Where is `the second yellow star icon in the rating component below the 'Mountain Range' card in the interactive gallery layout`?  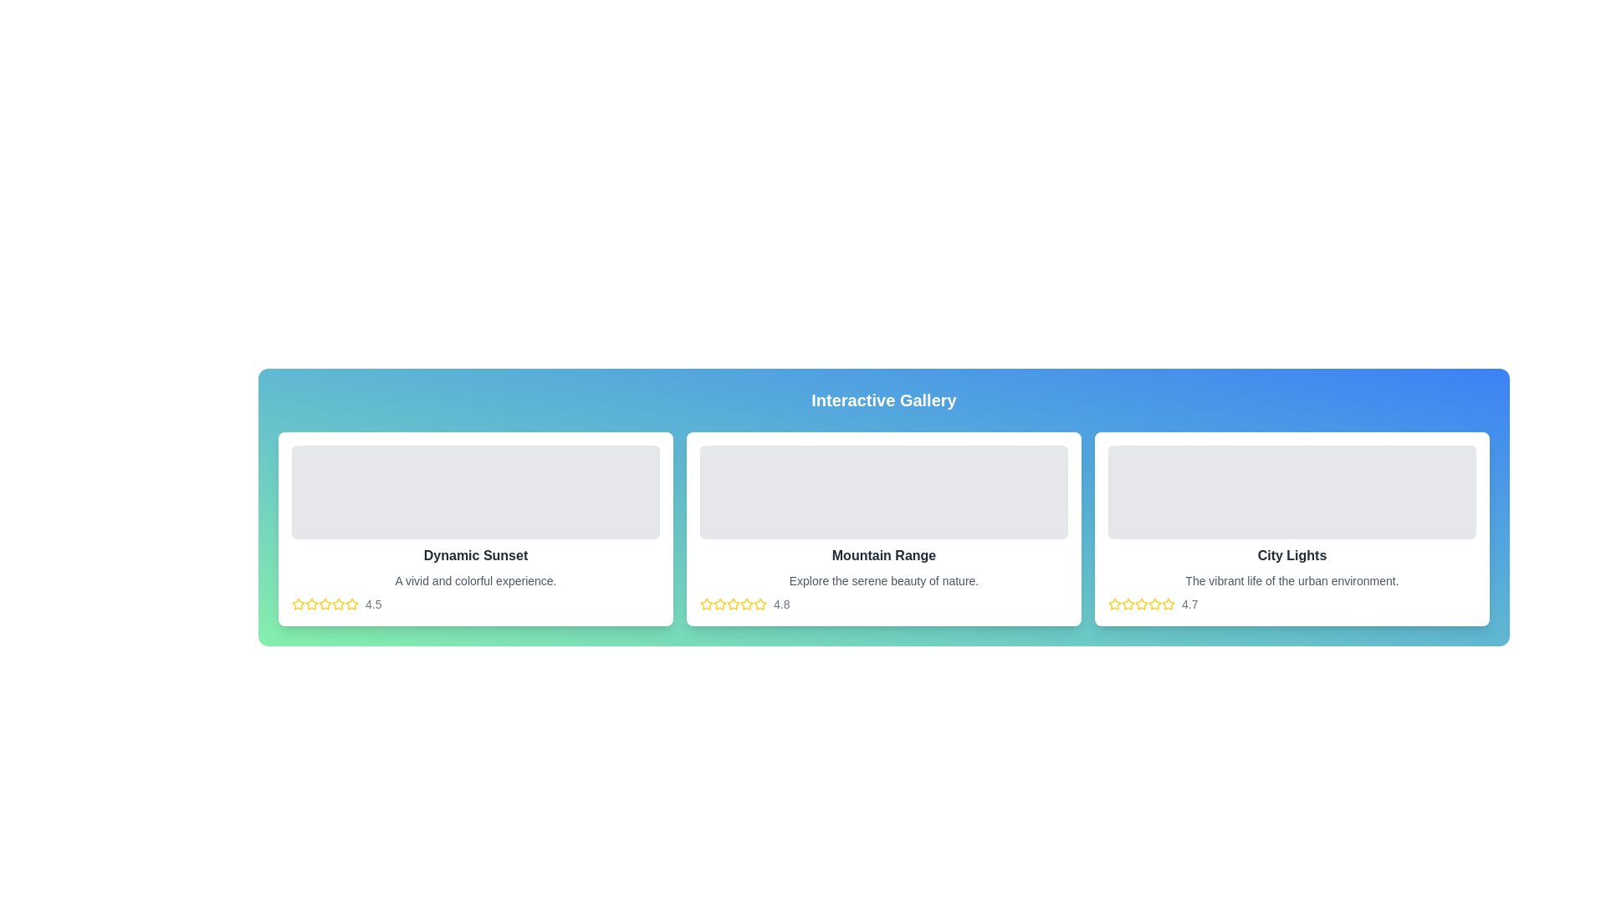 the second yellow star icon in the rating component below the 'Mountain Range' card in the interactive gallery layout is located at coordinates (734, 604).